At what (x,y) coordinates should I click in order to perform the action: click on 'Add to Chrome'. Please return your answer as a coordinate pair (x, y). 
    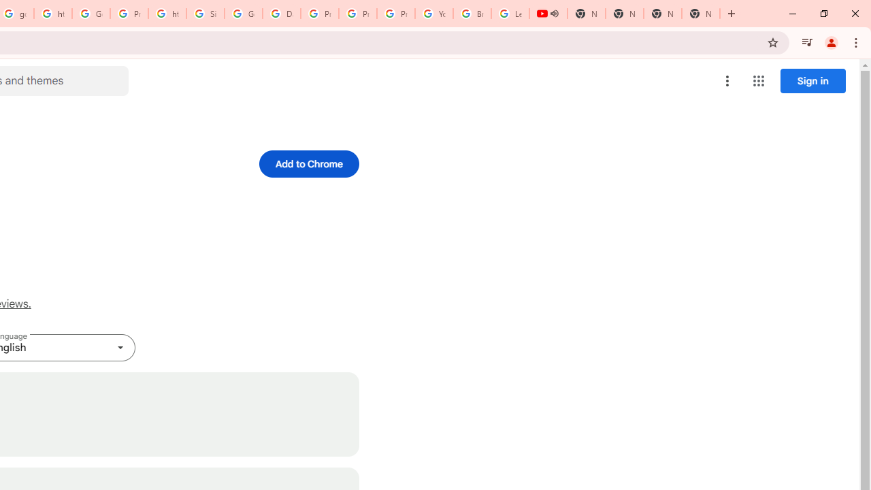
    Looking at the image, I should click on (308, 163).